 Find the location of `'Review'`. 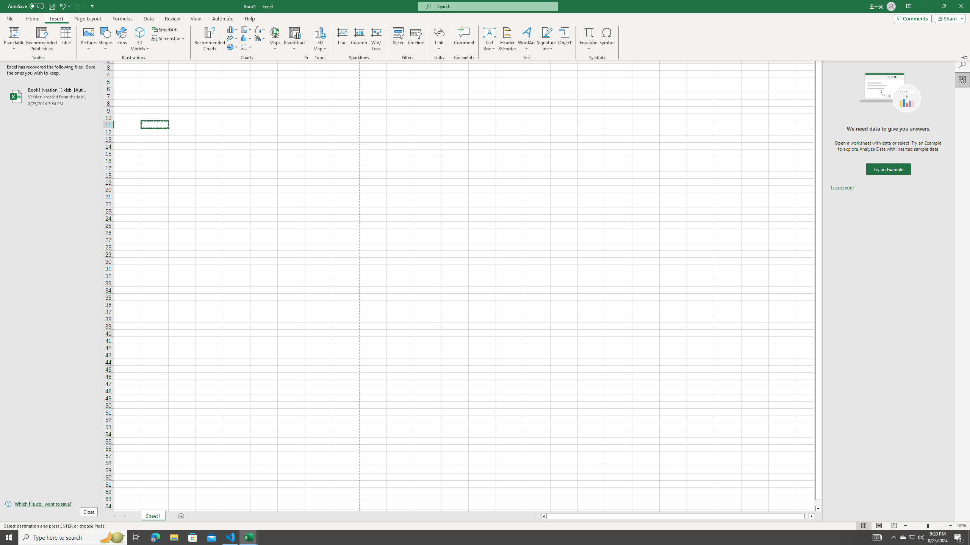

'Review' is located at coordinates (172, 19).